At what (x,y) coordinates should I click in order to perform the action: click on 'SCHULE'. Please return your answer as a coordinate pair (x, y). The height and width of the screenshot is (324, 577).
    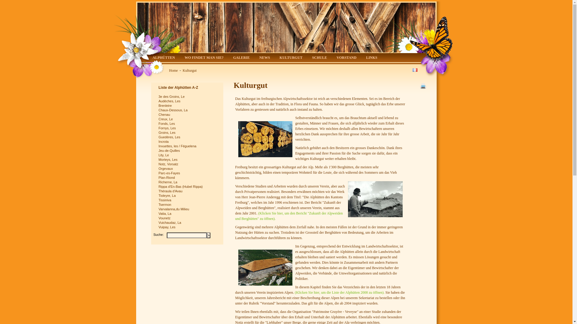
    Looking at the image, I should click on (319, 58).